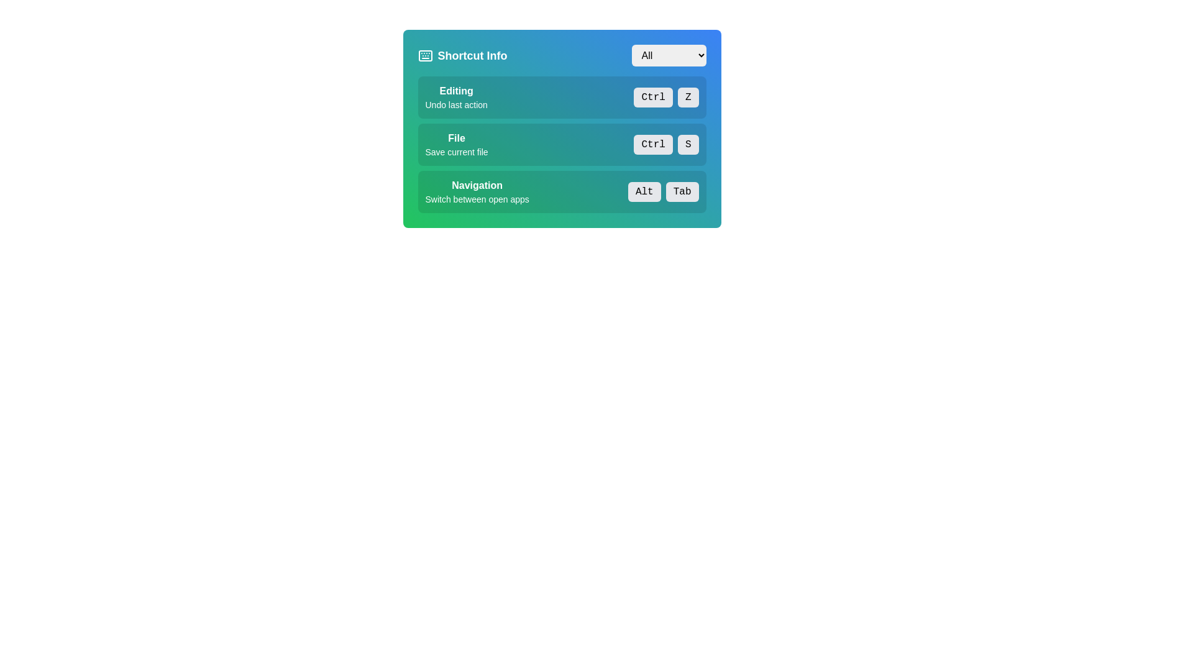  I want to click on the visual keycap label for the 'Ctrl' key in the 'Editing' row of the 'Shortcut Info' section, so click(652, 97).